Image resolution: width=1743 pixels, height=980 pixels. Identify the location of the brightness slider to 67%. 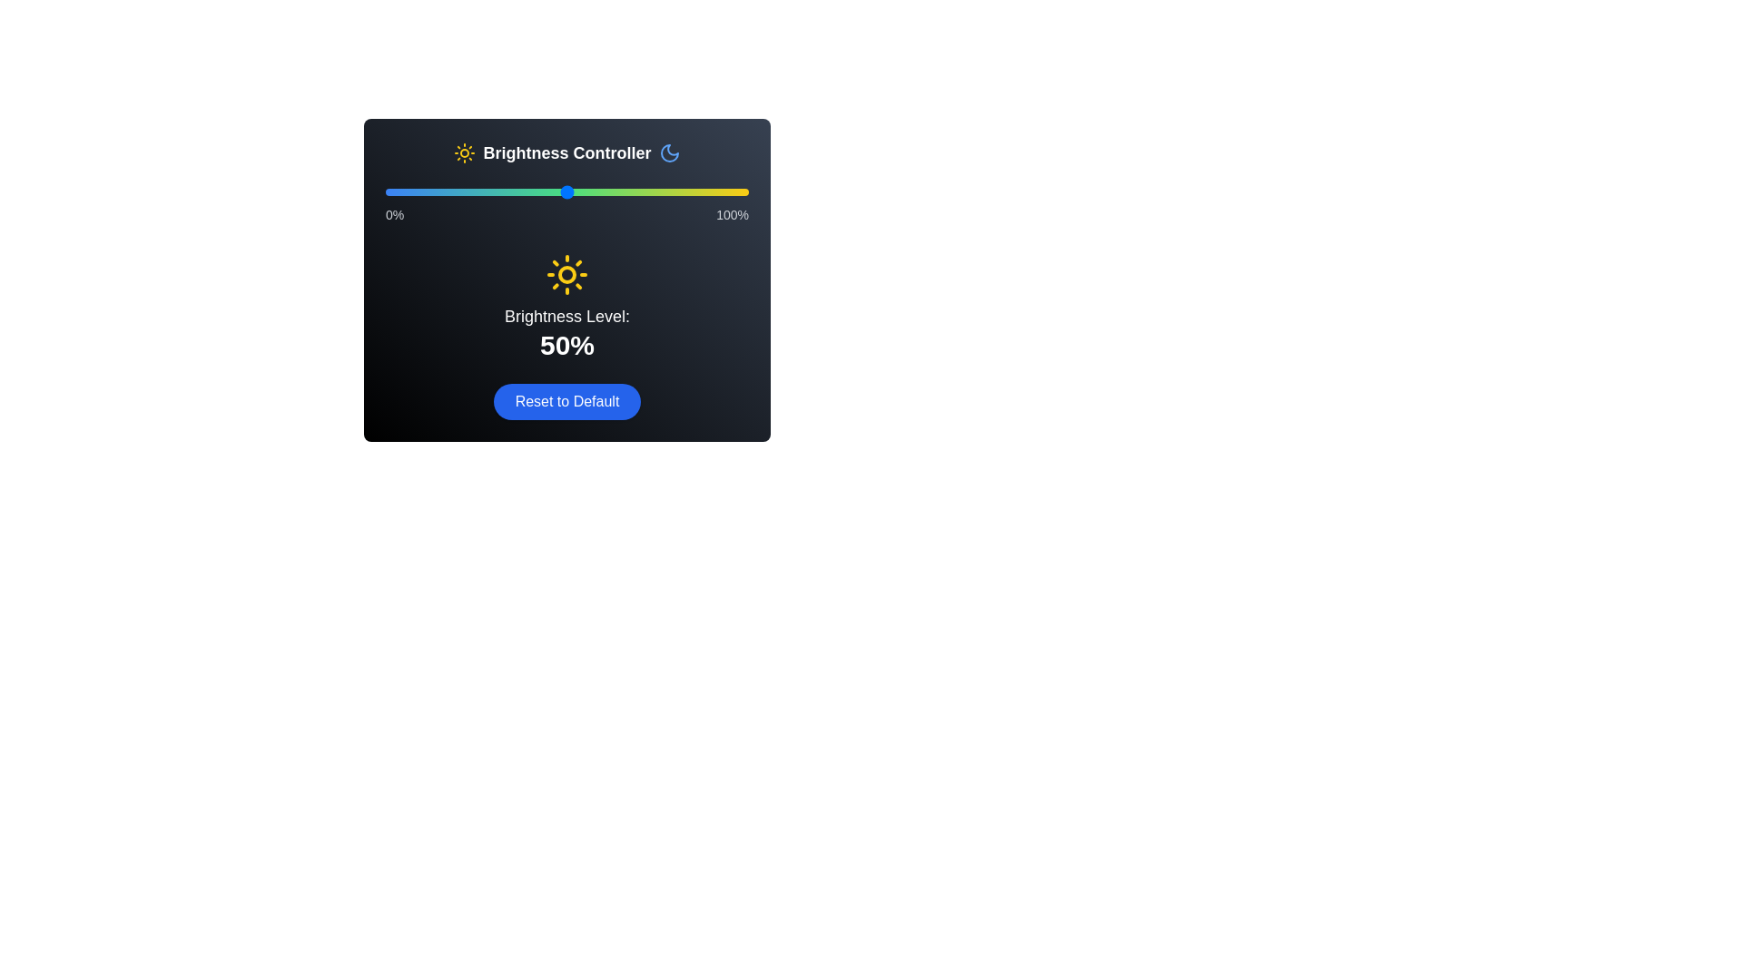
(628, 192).